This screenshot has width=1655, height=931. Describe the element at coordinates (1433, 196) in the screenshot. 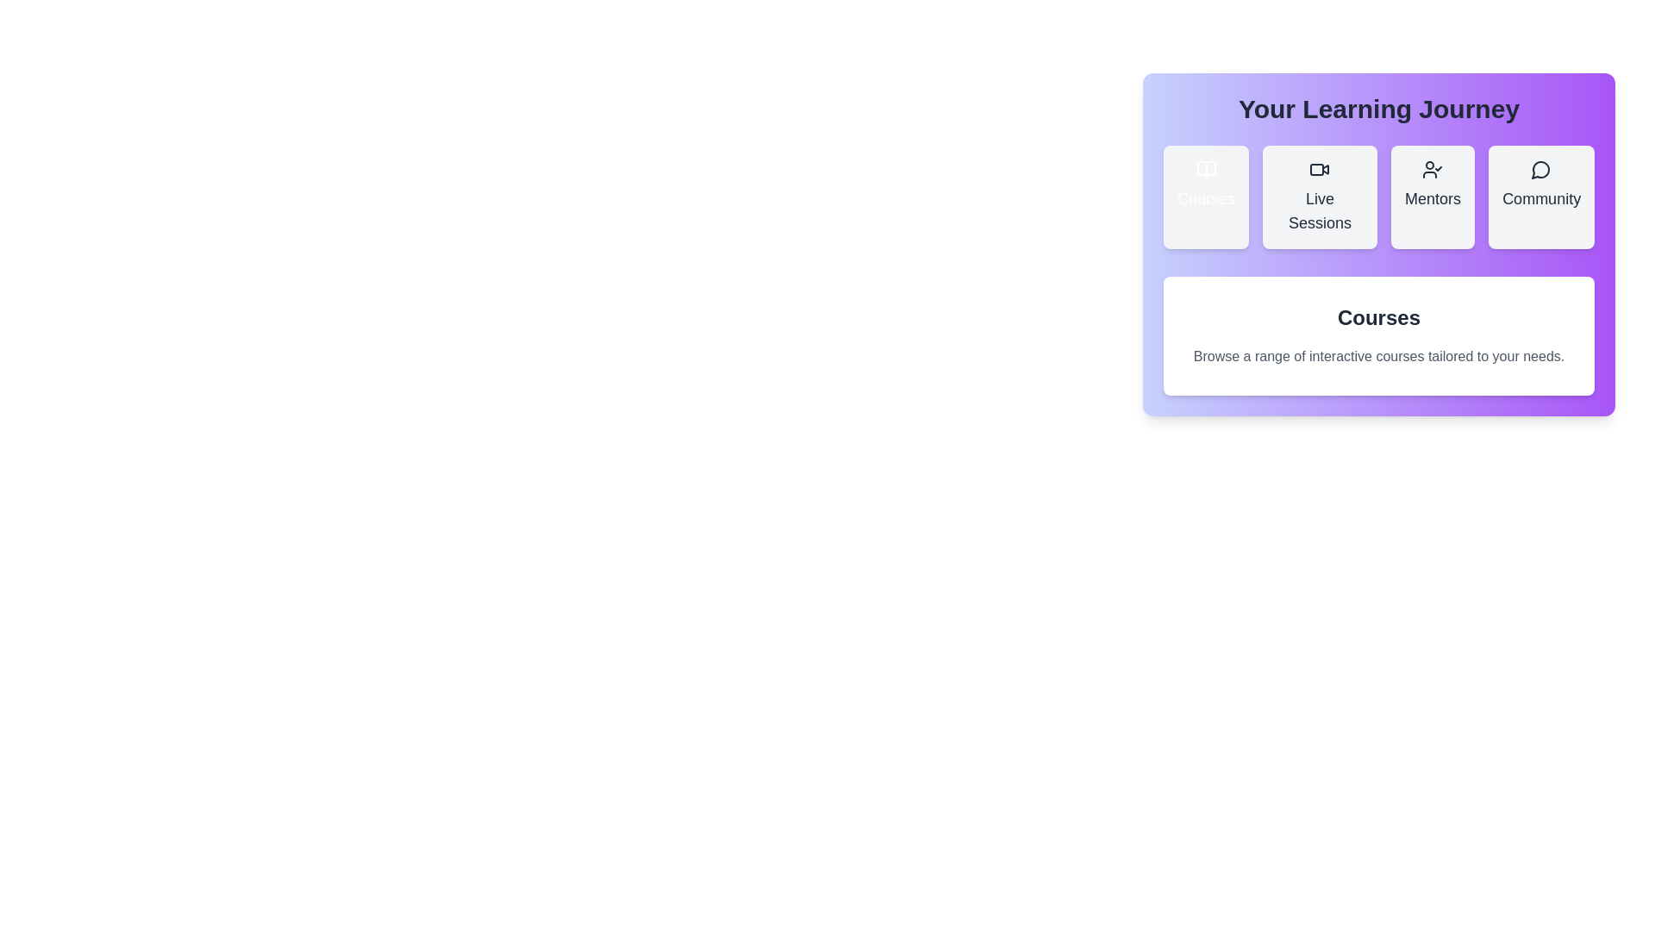

I see `the tab with title Mentors to inspect its icon and title` at that location.